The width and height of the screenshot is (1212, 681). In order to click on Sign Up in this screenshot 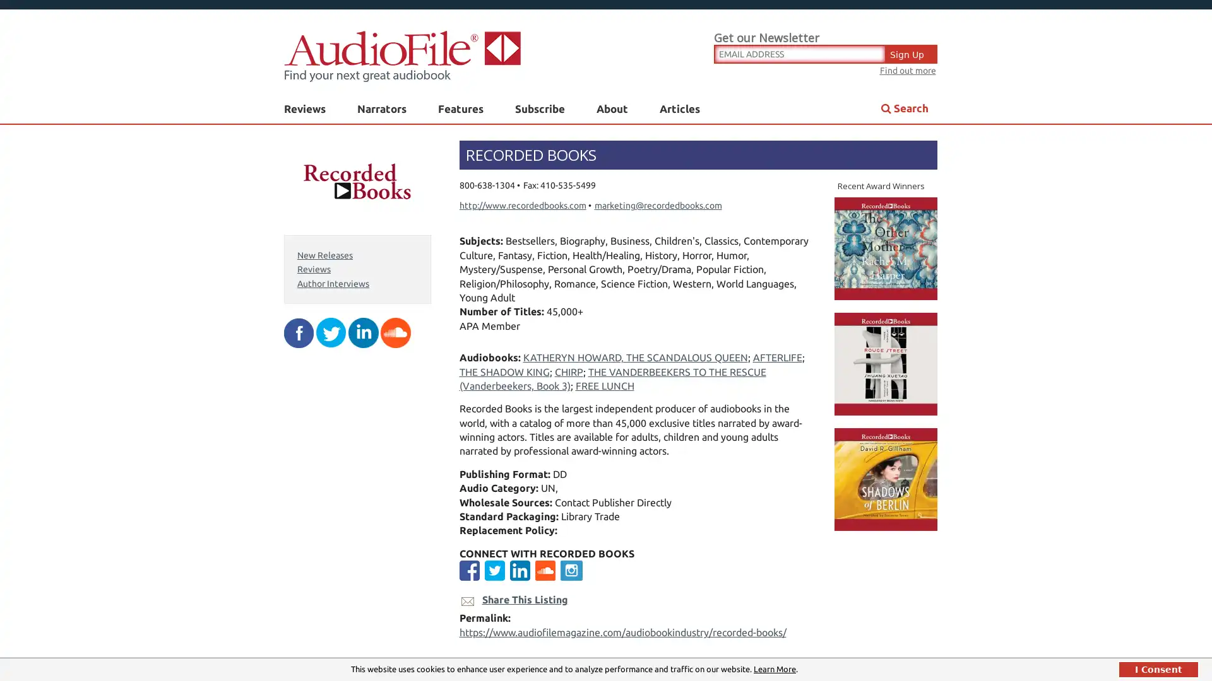, I will do `click(912, 52)`.